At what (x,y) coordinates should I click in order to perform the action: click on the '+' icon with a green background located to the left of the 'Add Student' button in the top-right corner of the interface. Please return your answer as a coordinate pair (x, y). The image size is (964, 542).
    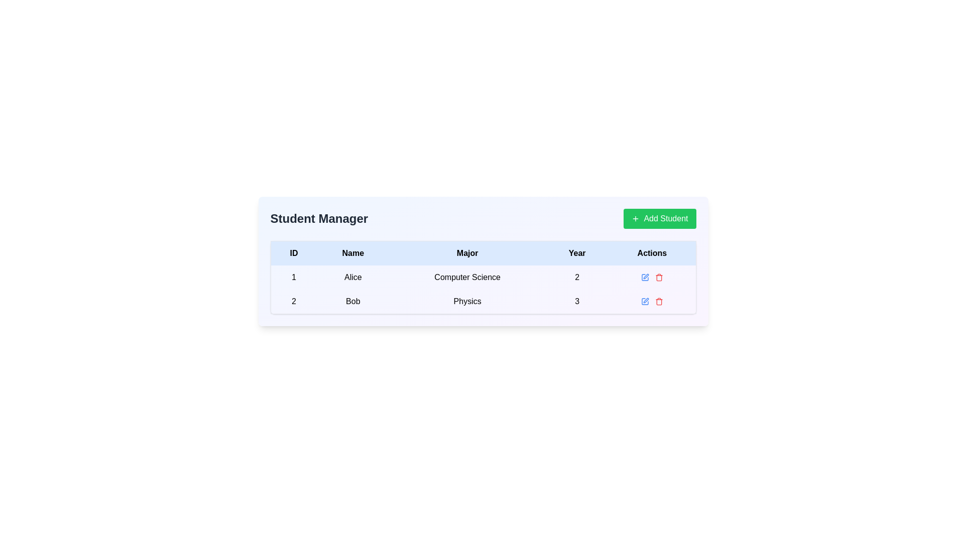
    Looking at the image, I should click on (635, 218).